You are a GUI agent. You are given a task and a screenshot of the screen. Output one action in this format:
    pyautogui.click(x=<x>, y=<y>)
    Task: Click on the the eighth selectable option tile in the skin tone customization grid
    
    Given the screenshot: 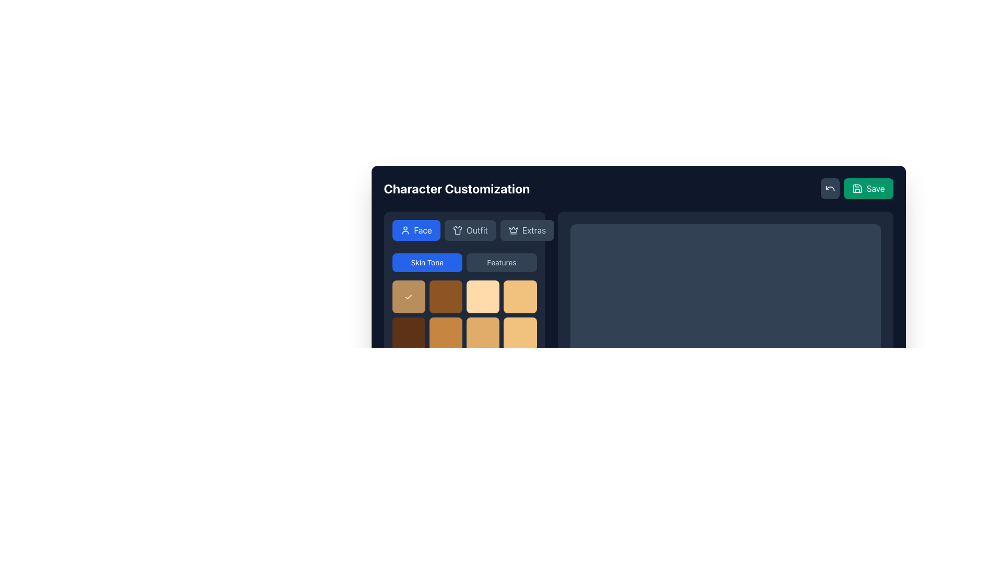 What is the action you would take?
    pyautogui.click(x=446, y=334)
    